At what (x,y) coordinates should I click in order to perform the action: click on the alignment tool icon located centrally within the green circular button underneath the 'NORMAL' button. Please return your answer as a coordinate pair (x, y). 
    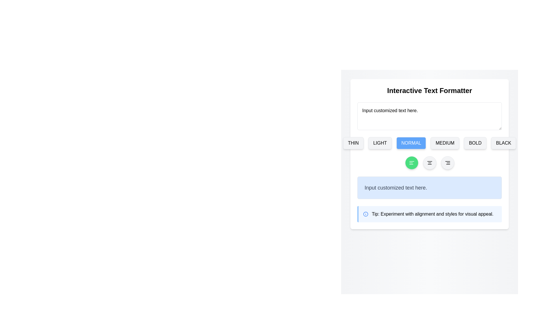
    Looking at the image, I should click on (411, 163).